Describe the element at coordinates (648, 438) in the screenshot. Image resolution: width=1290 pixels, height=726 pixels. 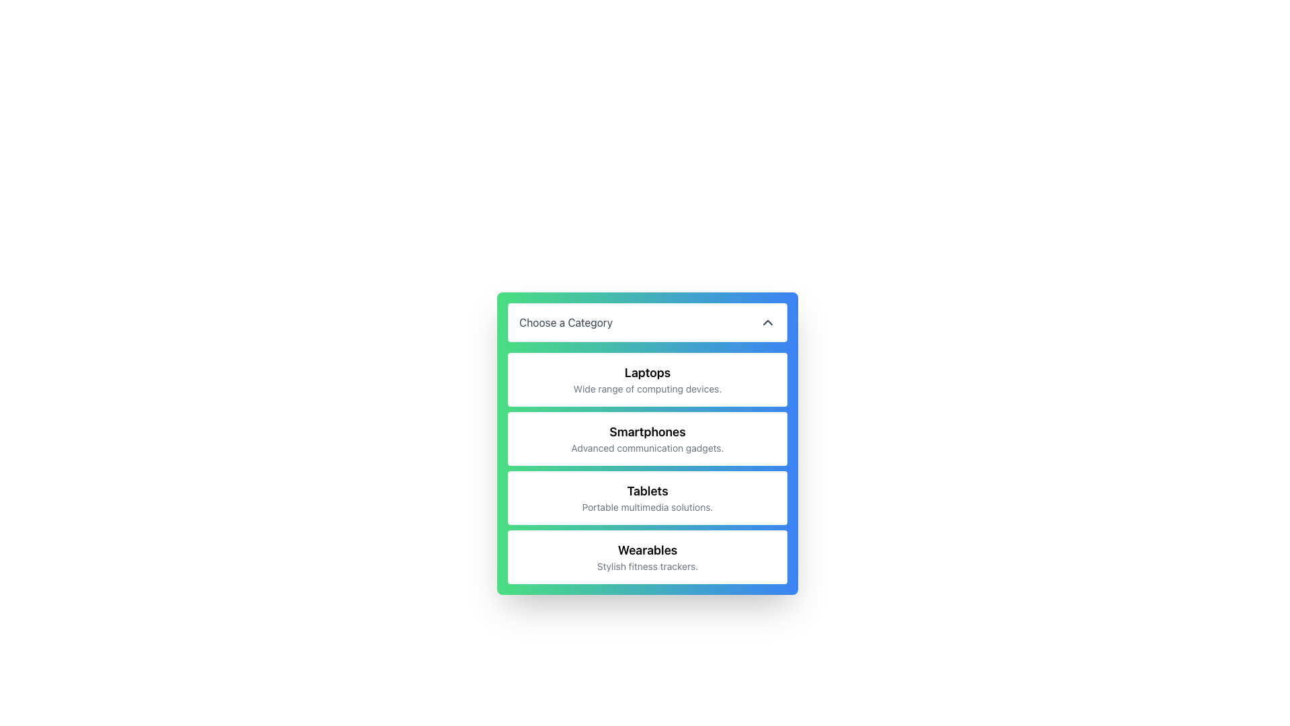
I see `the second card in the vertical list of selectable category cards, which is used` at that location.